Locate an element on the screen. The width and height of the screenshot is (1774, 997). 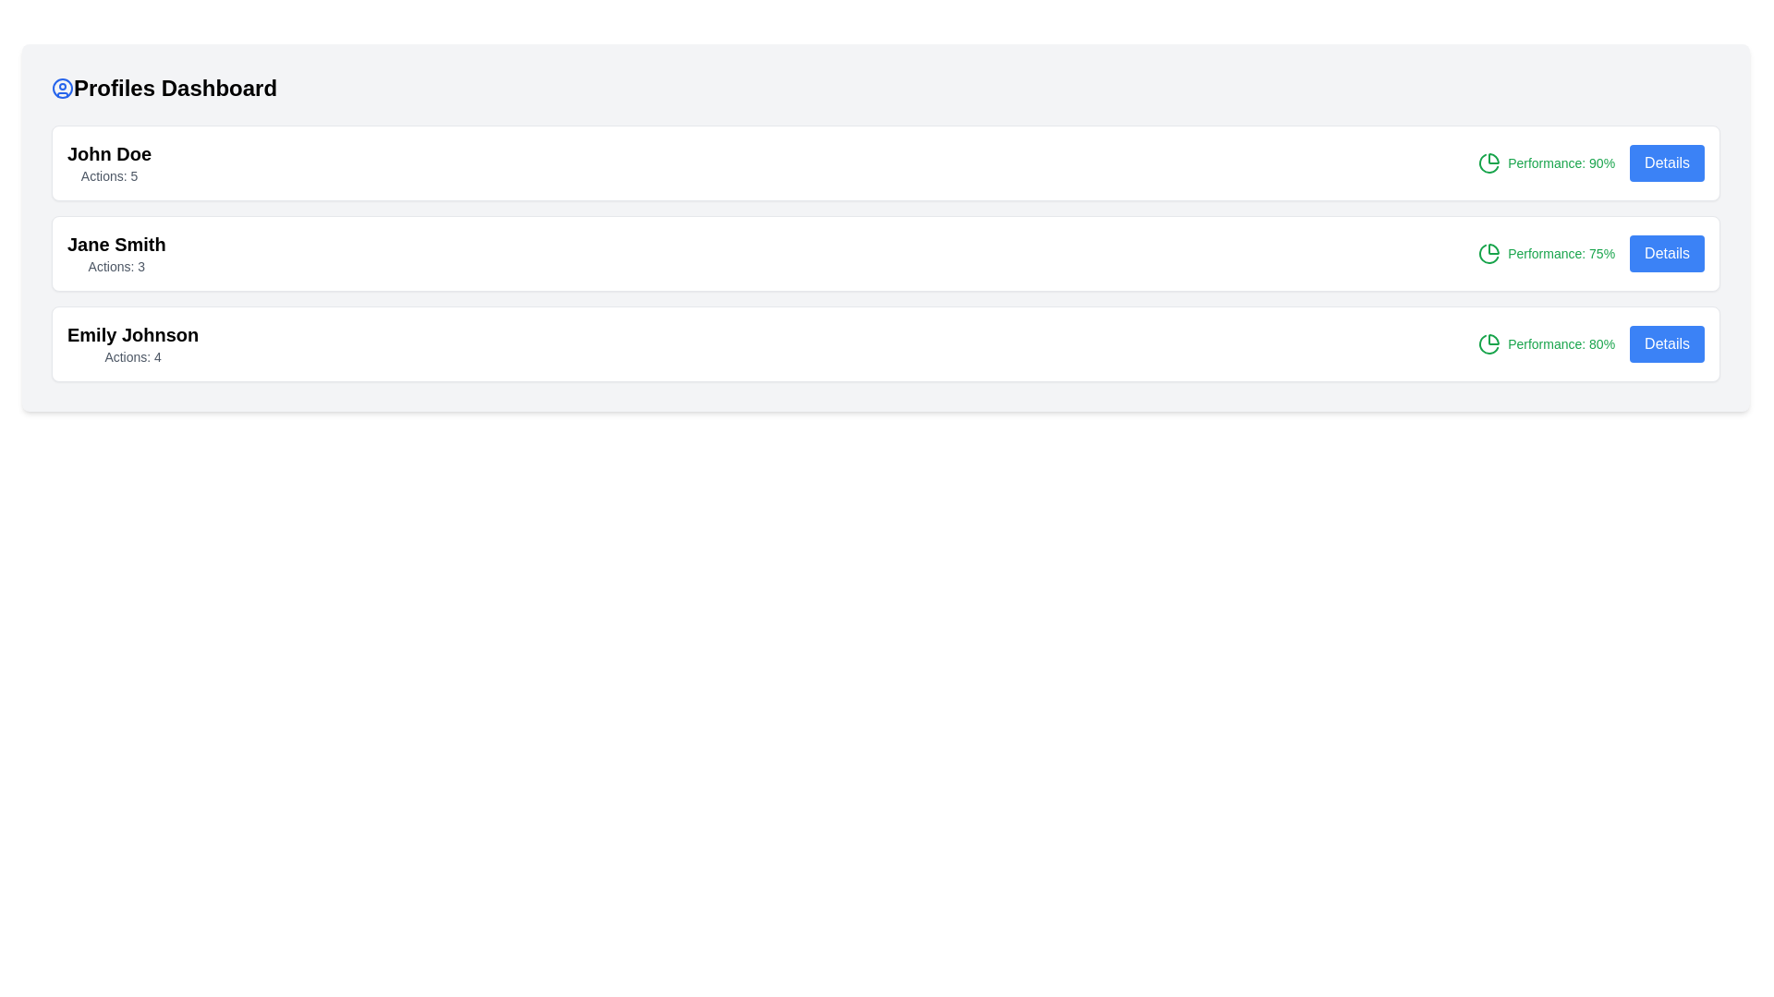
the text label that displays the count of actions for the 'John Doe' profile, which is located directly below the 'John Doe' label in the top-left section of the dashboard layout is located at coordinates (108, 176).